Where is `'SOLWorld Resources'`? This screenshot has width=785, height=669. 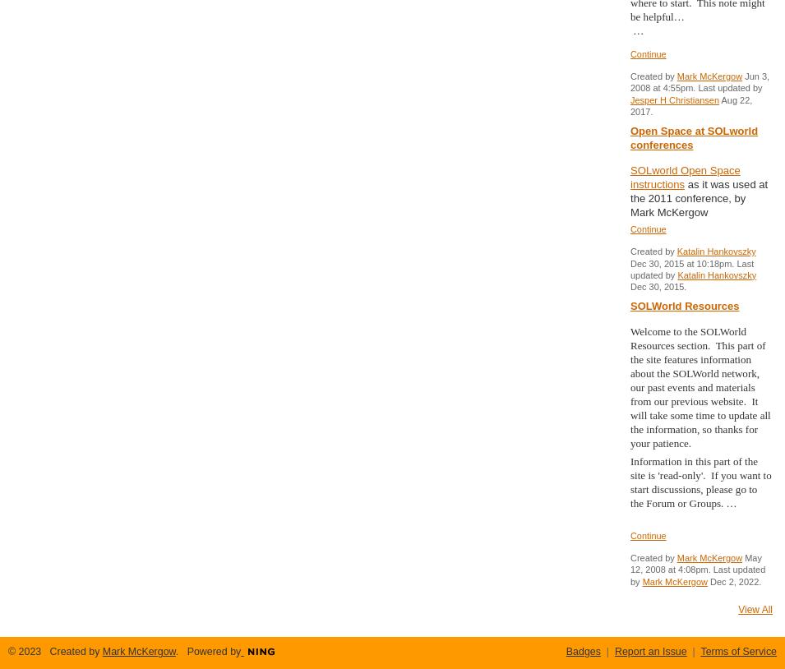 'SOLWorld Resources' is located at coordinates (685, 306).